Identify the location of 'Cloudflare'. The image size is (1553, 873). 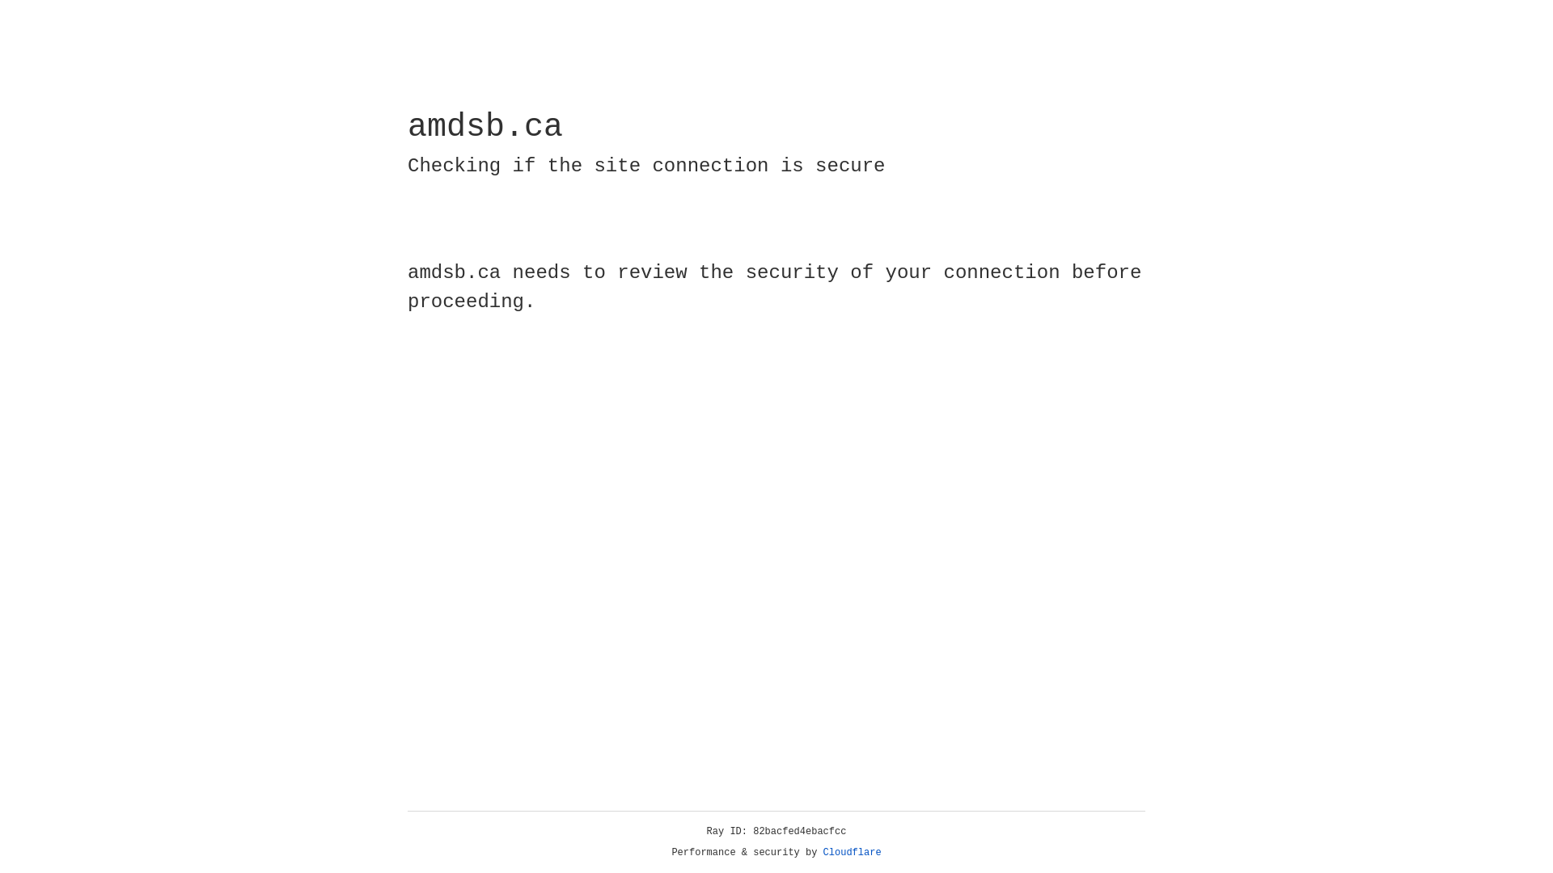
(852, 852).